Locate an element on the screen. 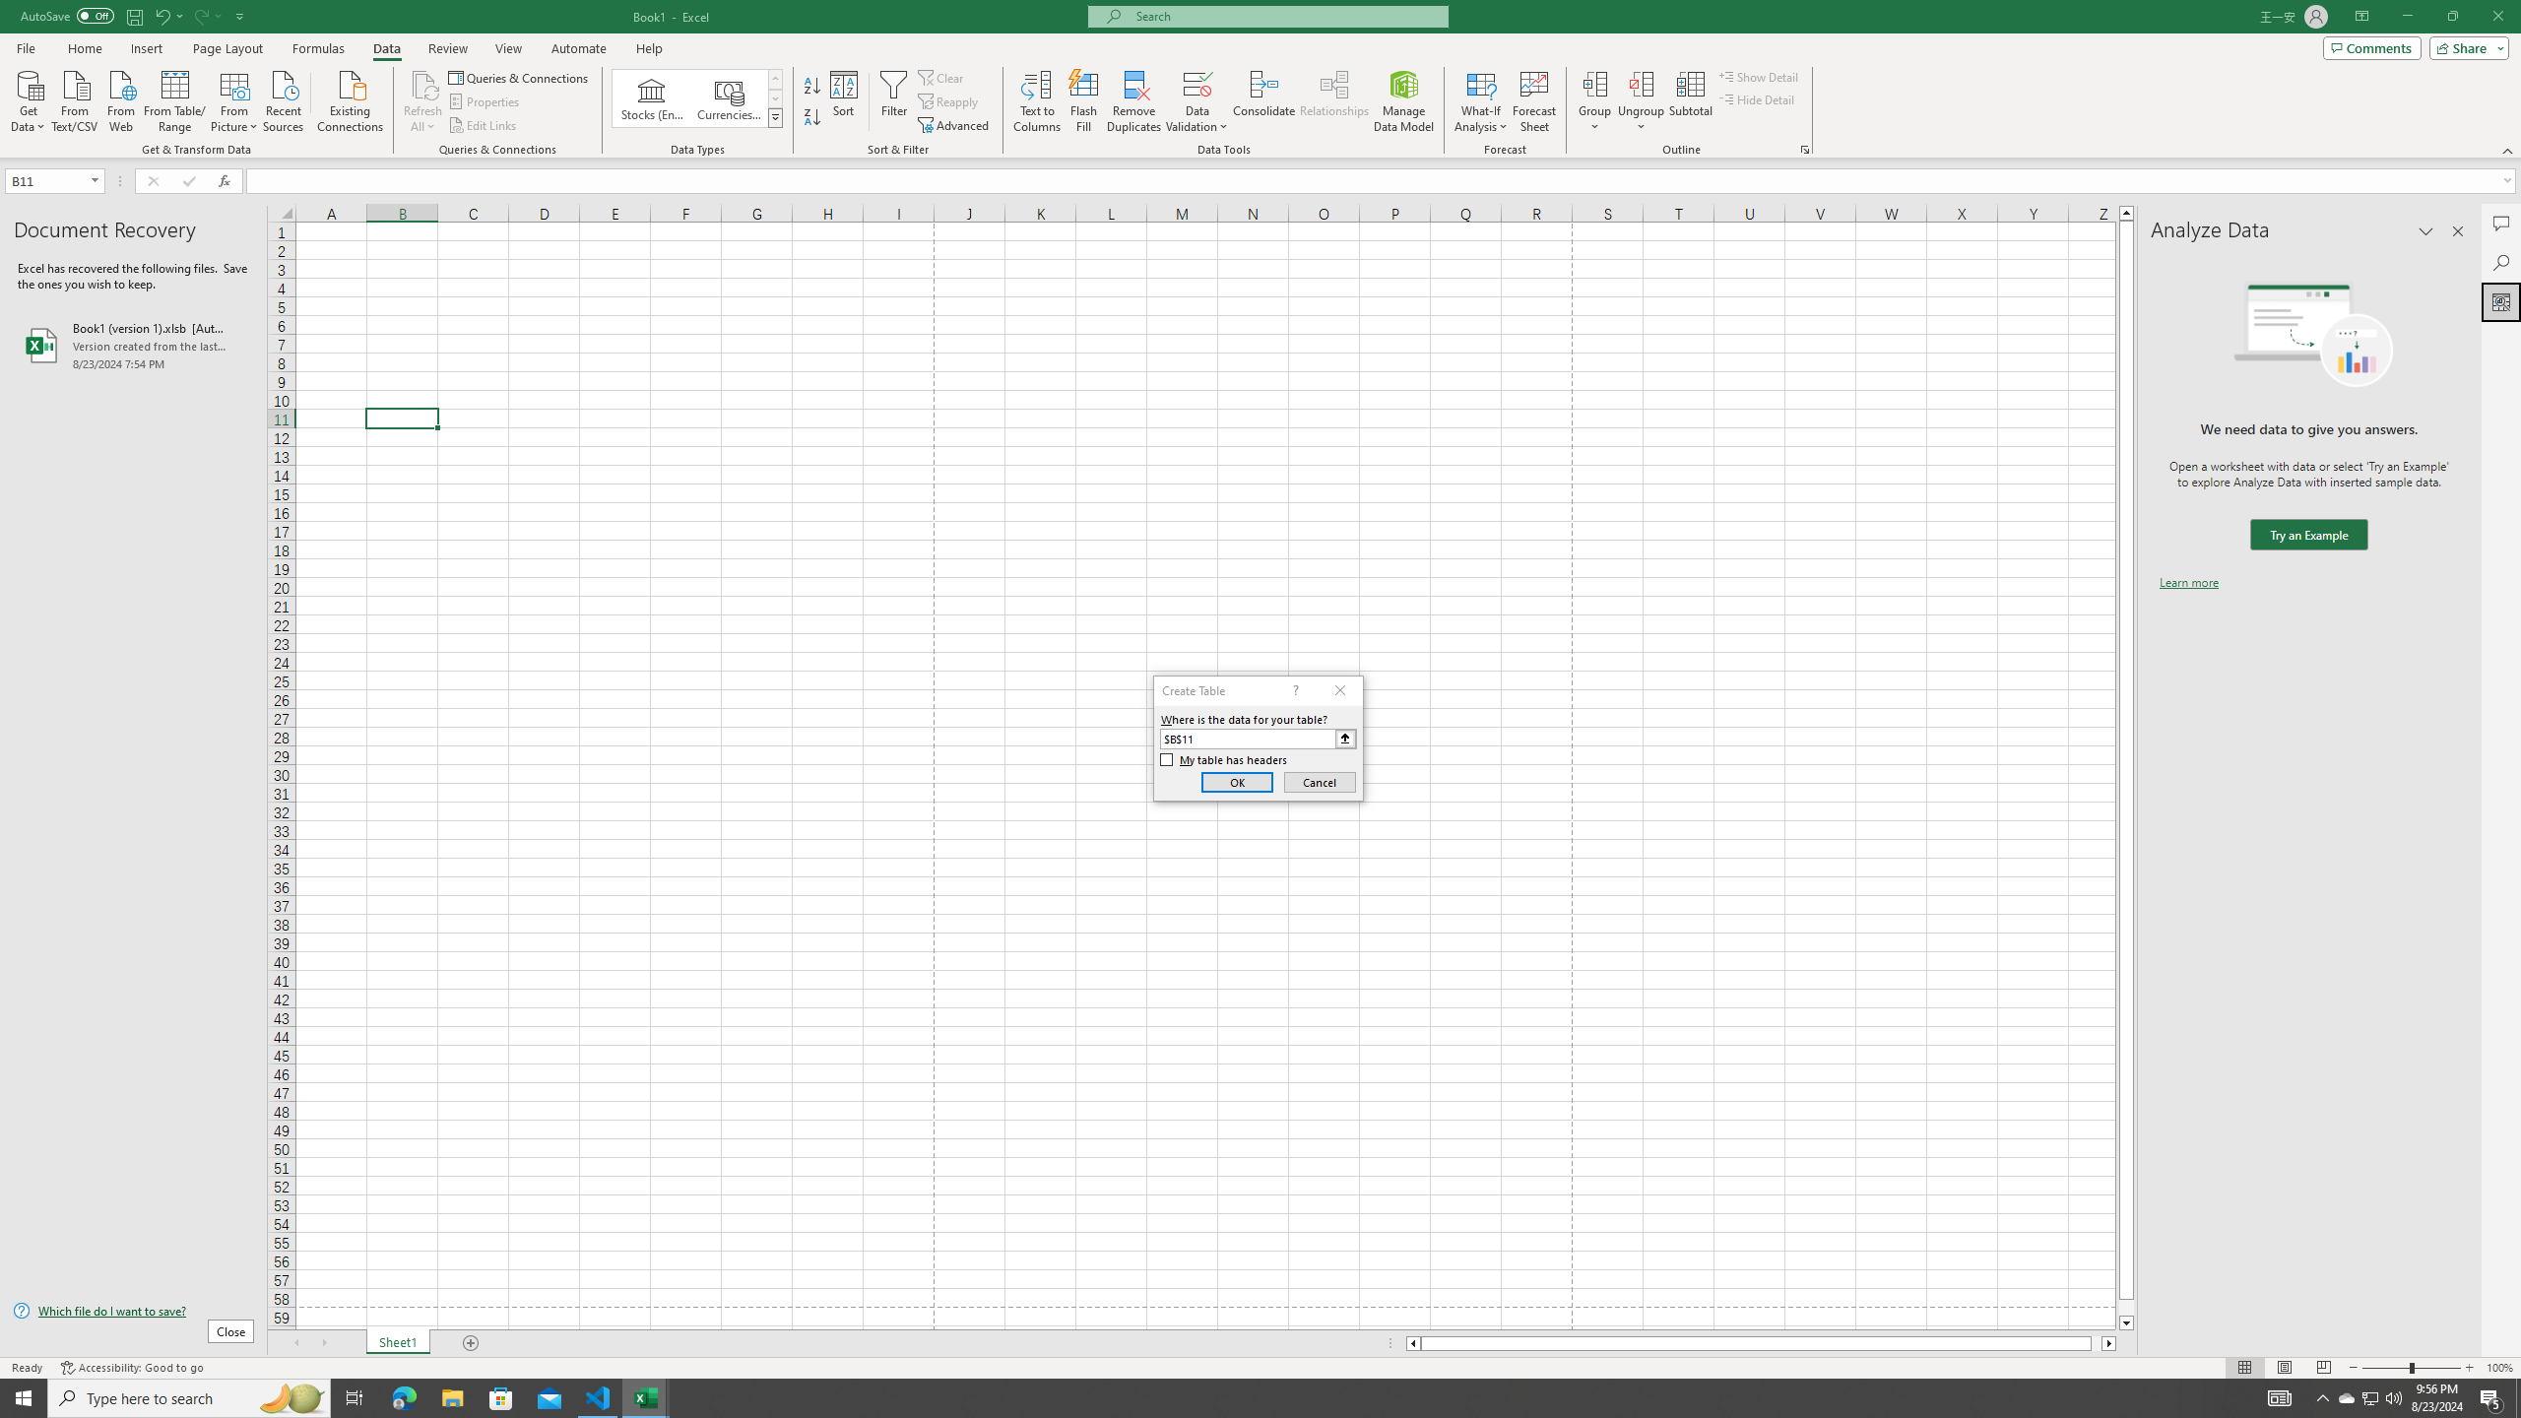 This screenshot has width=2521, height=1418. 'Analyze Data' is located at coordinates (2500, 301).